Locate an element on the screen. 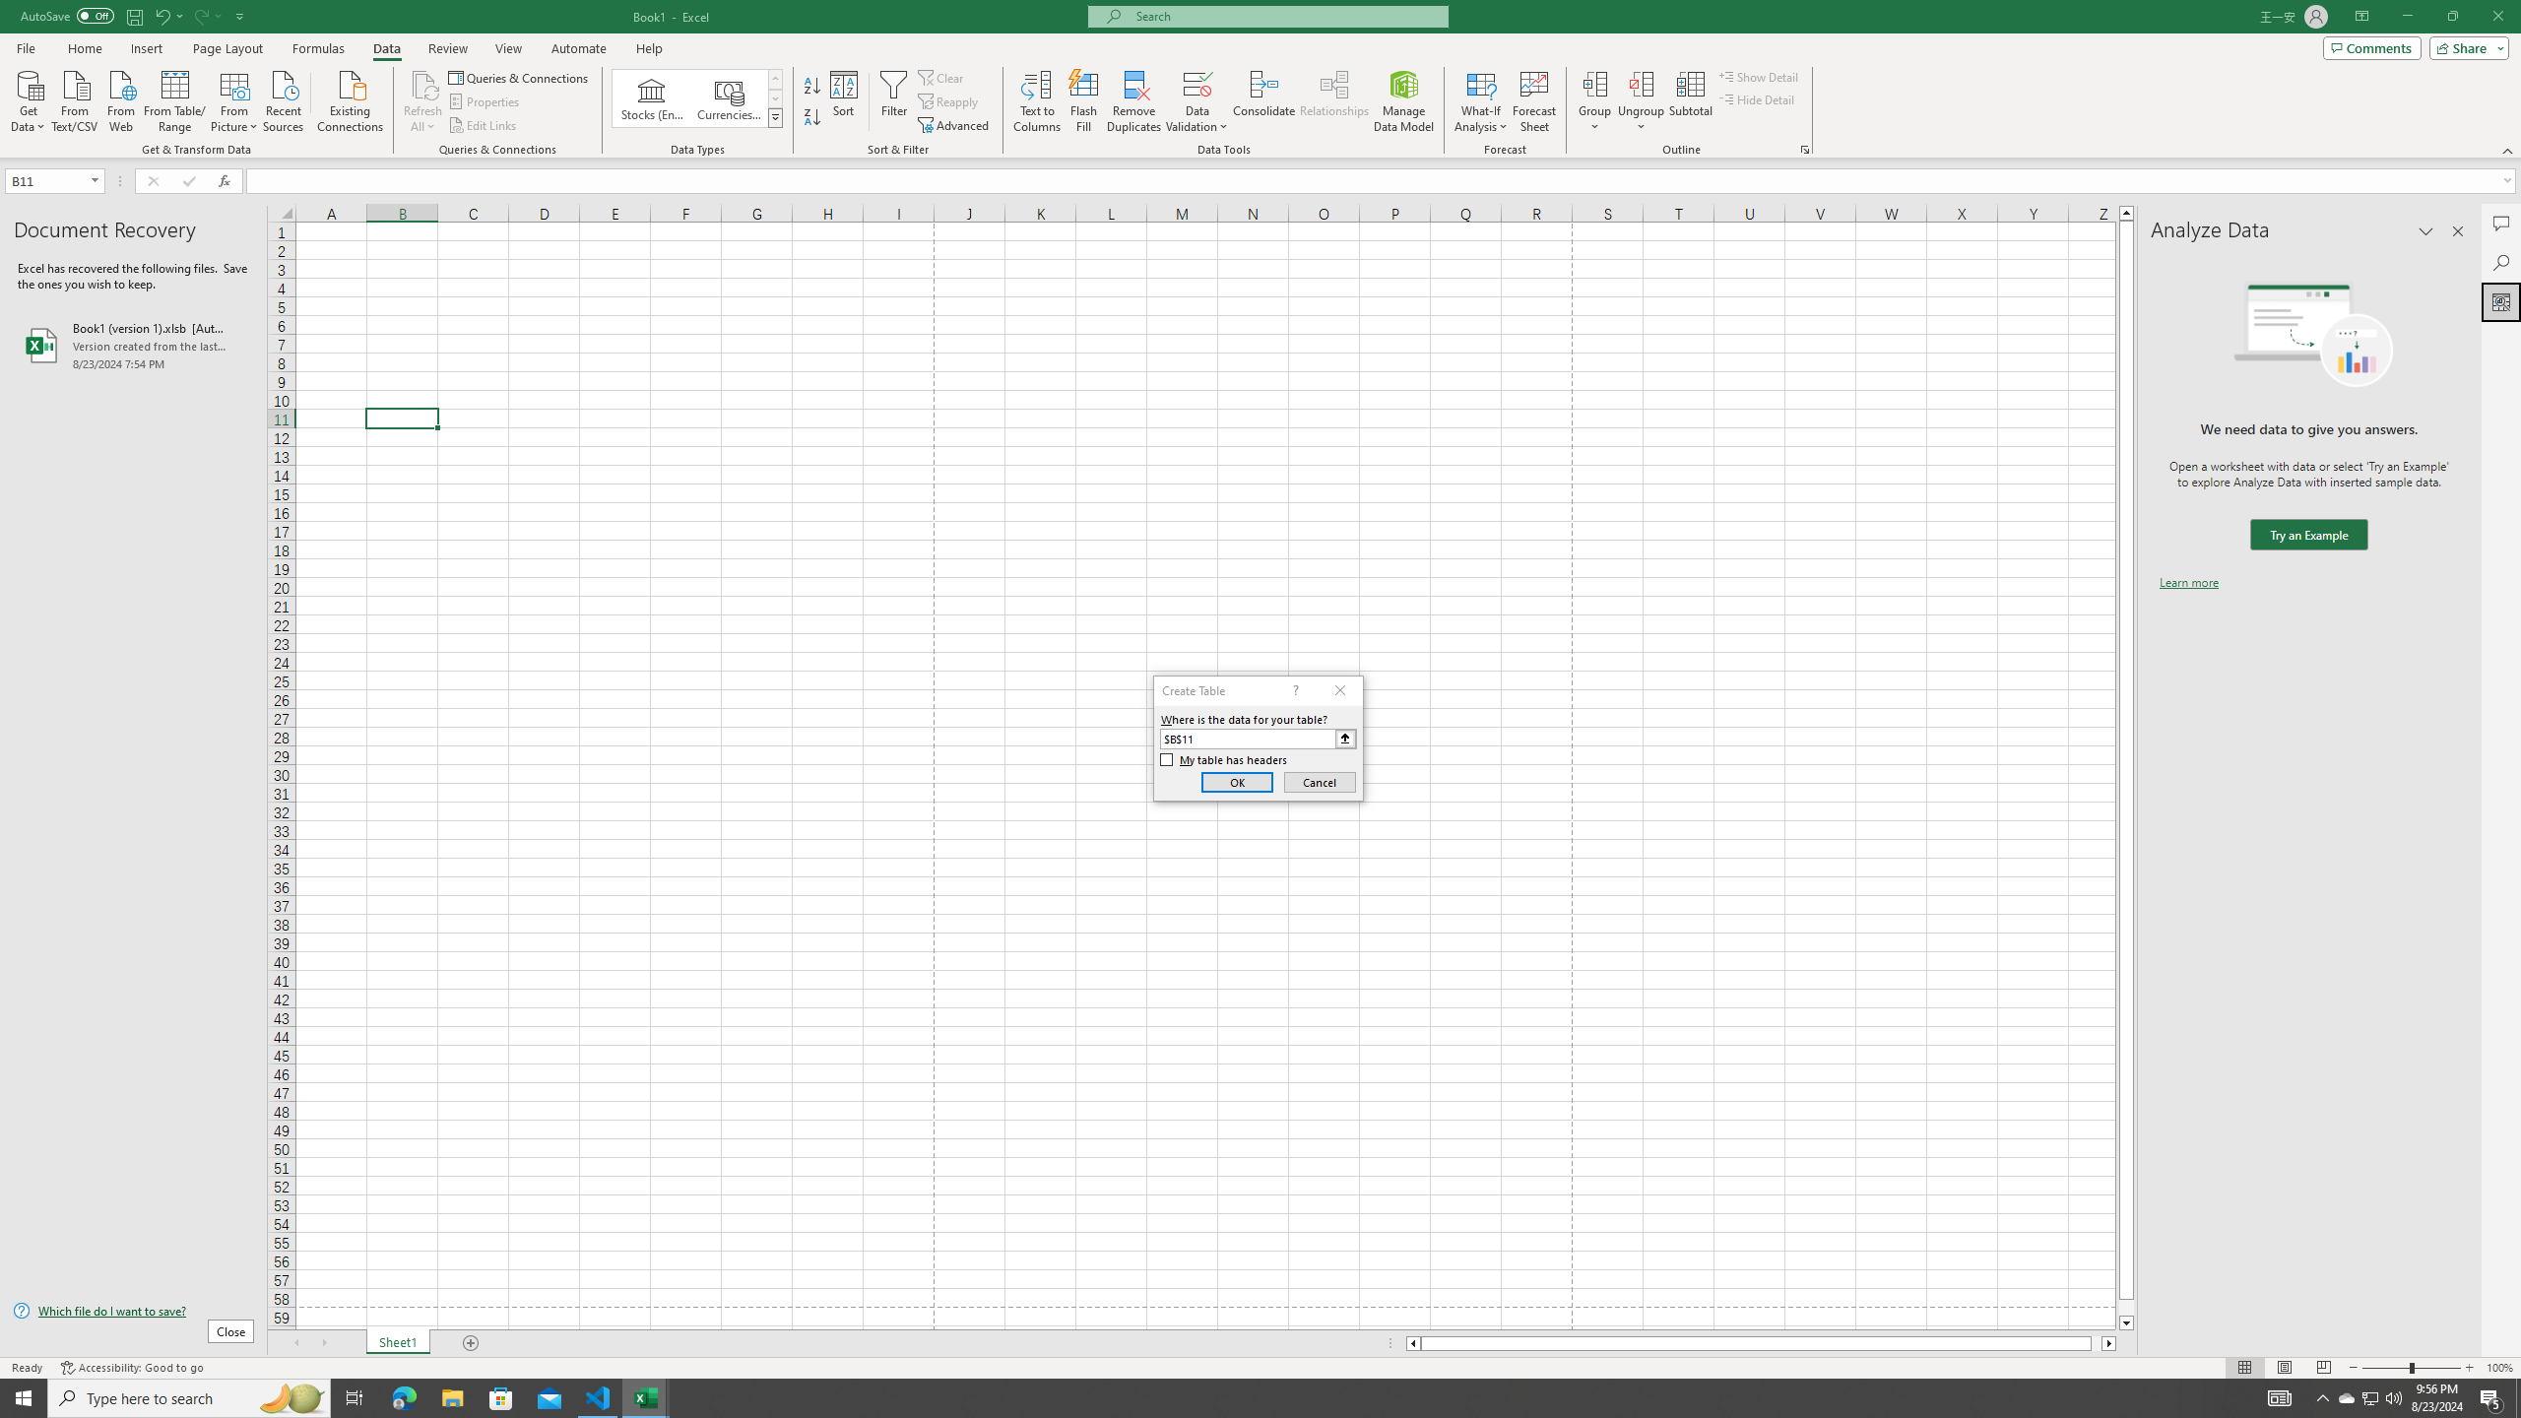 This screenshot has width=2521, height=1418. 'Analyze Data' is located at coordinates (2500, 301).